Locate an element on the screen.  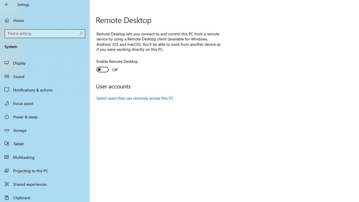
'Multitasking' is located at coordinates (45, 157).